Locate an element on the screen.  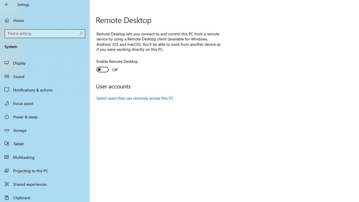
'Multitasking' is located at coordinates (45, 157).